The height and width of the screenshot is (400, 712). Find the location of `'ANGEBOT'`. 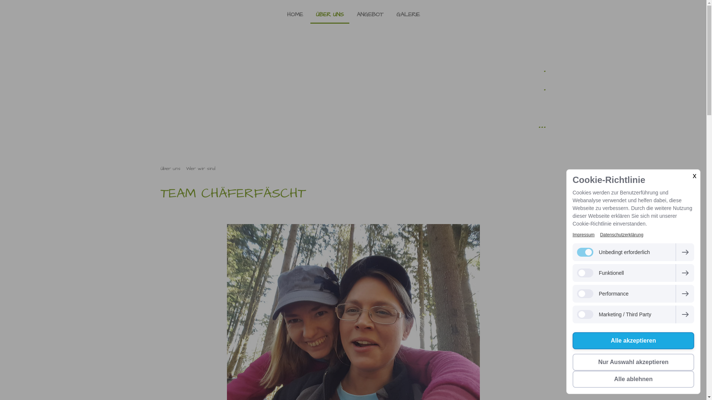

'ANGEBOT' is located at coordinates (370, 14).